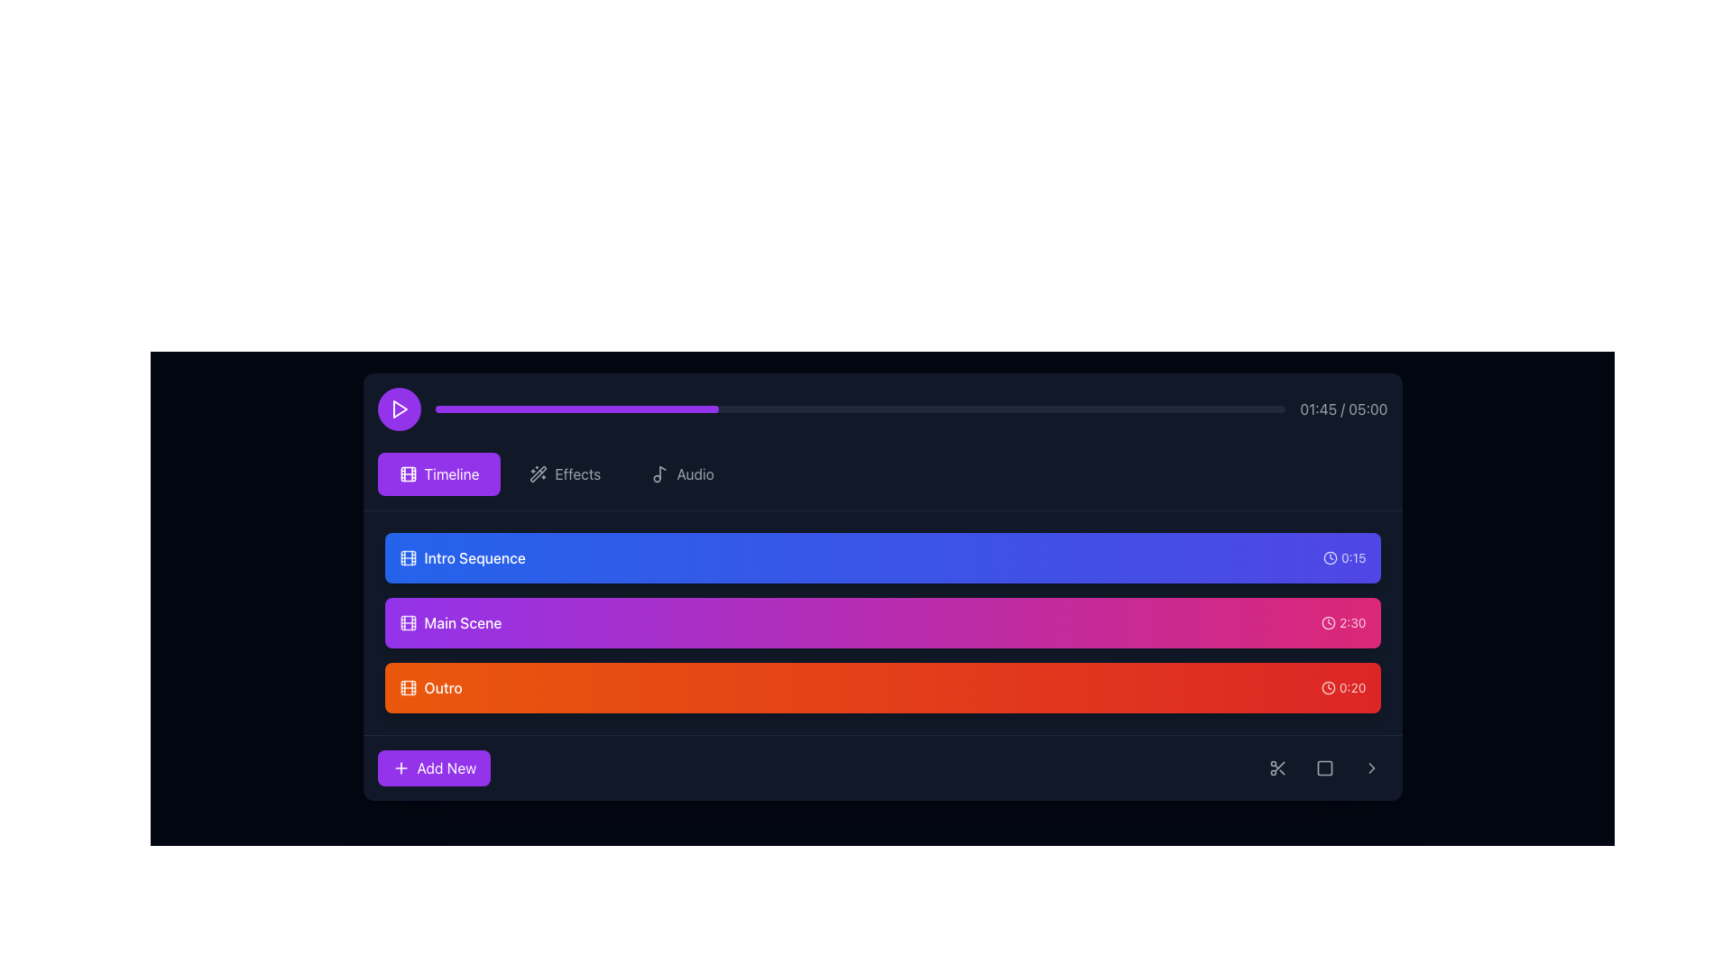 The width and height of the screenshot is (1732, 974). I want to click on the purple button with rounded edges labeled 'Add New', so click(434, 768).